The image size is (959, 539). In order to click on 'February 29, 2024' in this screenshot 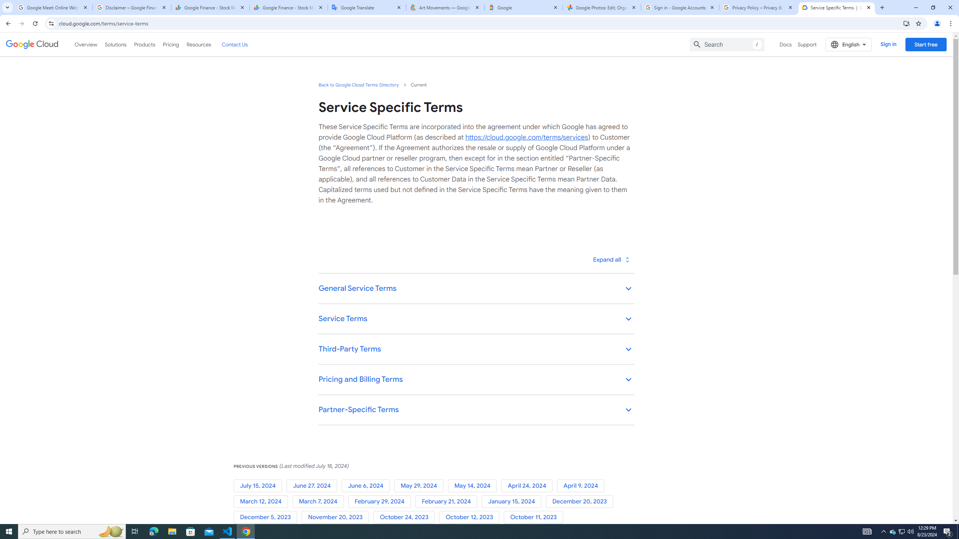, I will do `click(381, 501)`.